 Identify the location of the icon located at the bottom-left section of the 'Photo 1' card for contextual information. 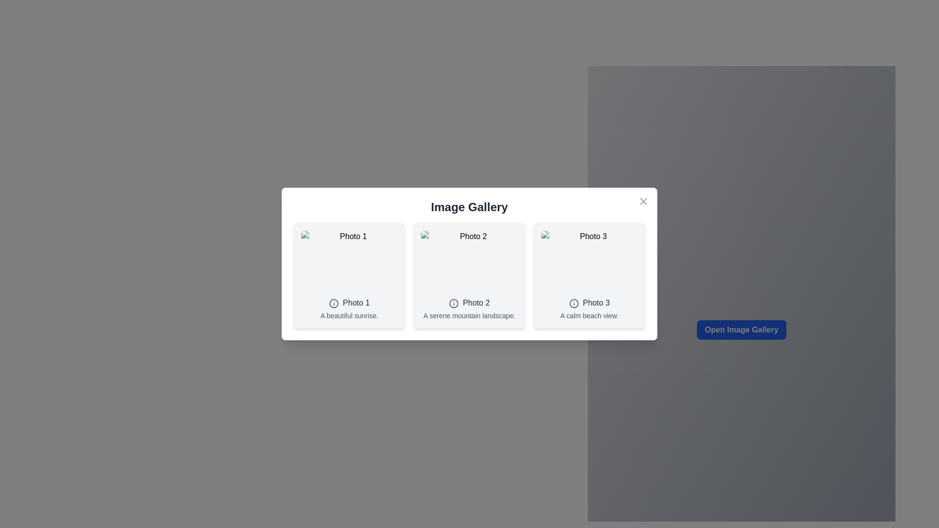
(334, 303).